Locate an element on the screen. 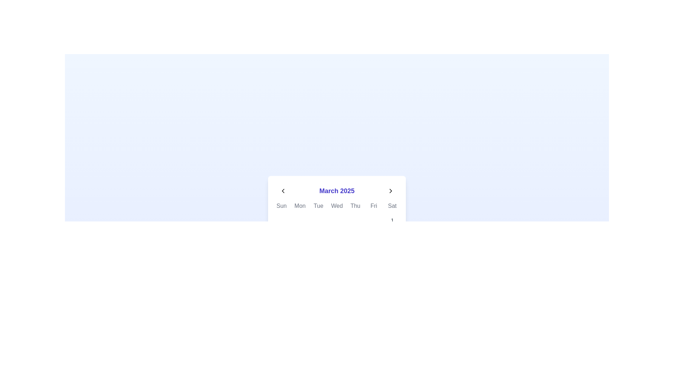 Image resolution: width=689 pixels, height=387 pixels. the rightward-pointing chevron icon button located in the top-right corner of the calendar interface, adjacent to the title 'March 2025' is located at coordinates (390, 190).